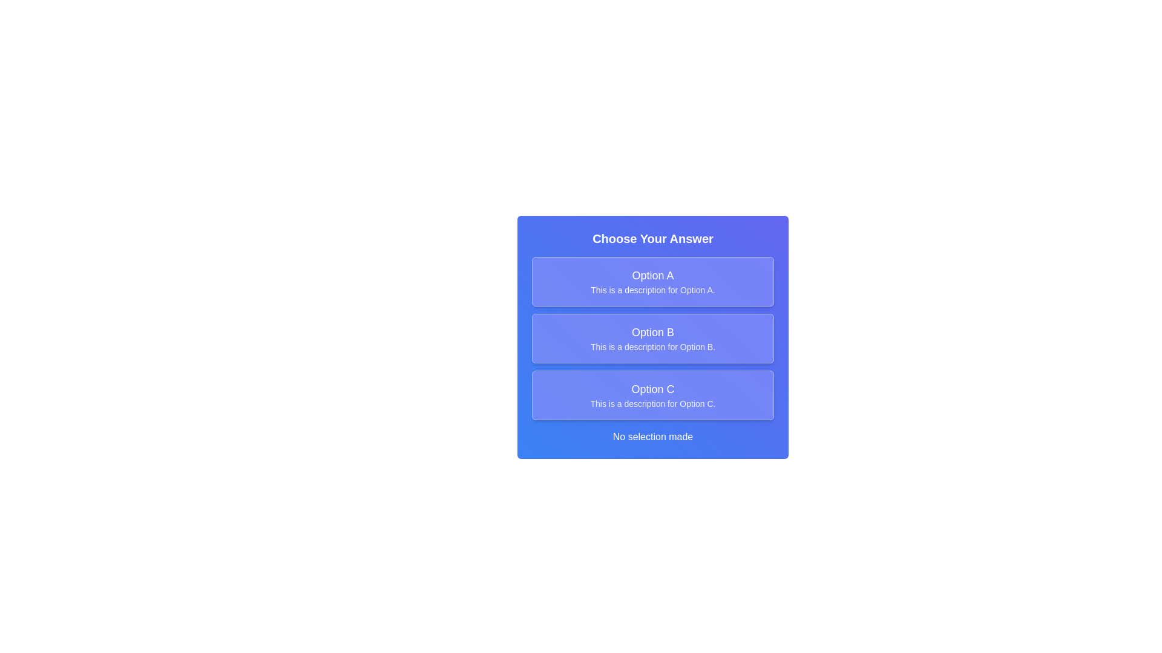 The width and height of the screenshot is (1162, 653). I want to click on the Interactive card option, so click(652, 337).